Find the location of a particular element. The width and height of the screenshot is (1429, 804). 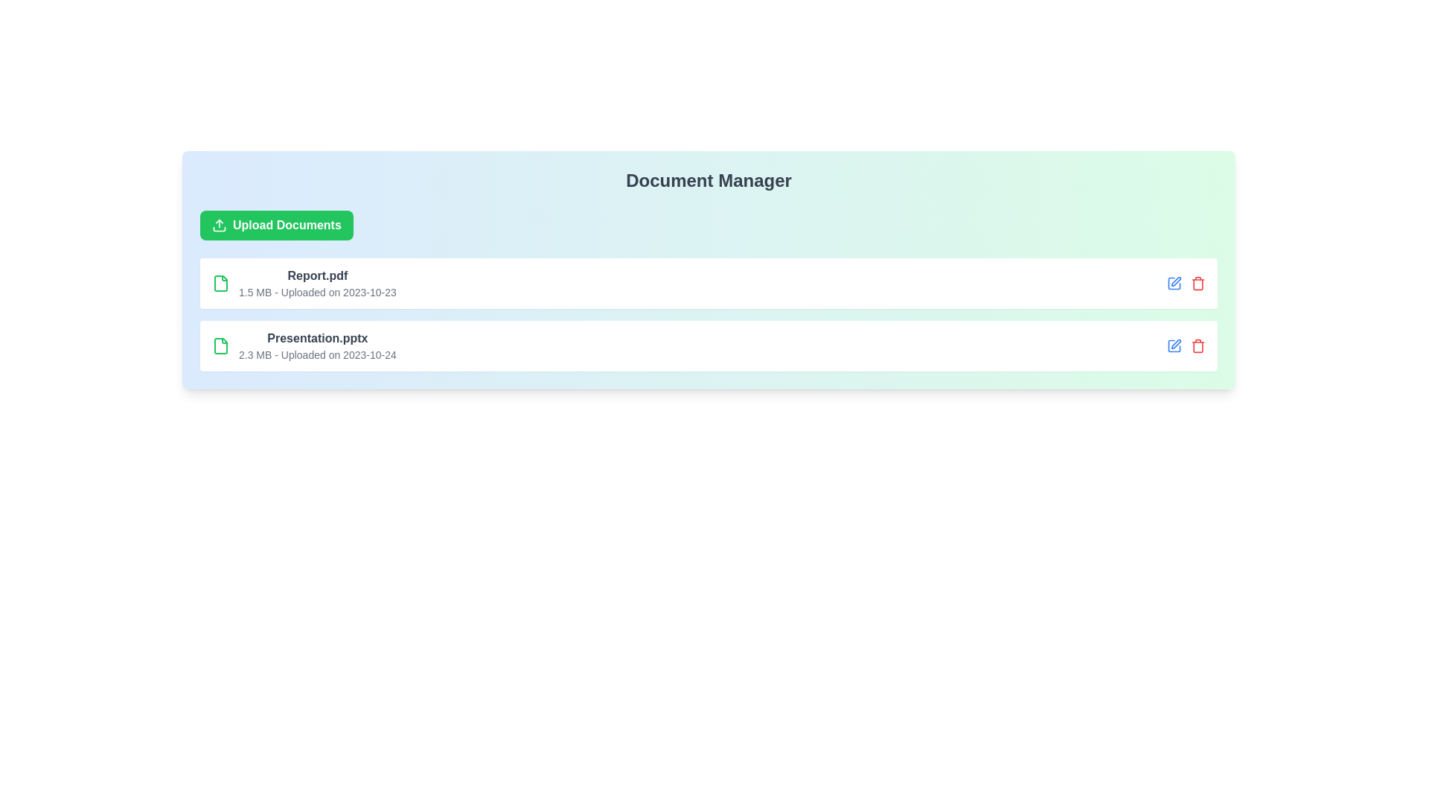

the edit icon resembling a pen or pencil located at the right end of the second row of listed documents for more options is located at coordinates (1174, 281).